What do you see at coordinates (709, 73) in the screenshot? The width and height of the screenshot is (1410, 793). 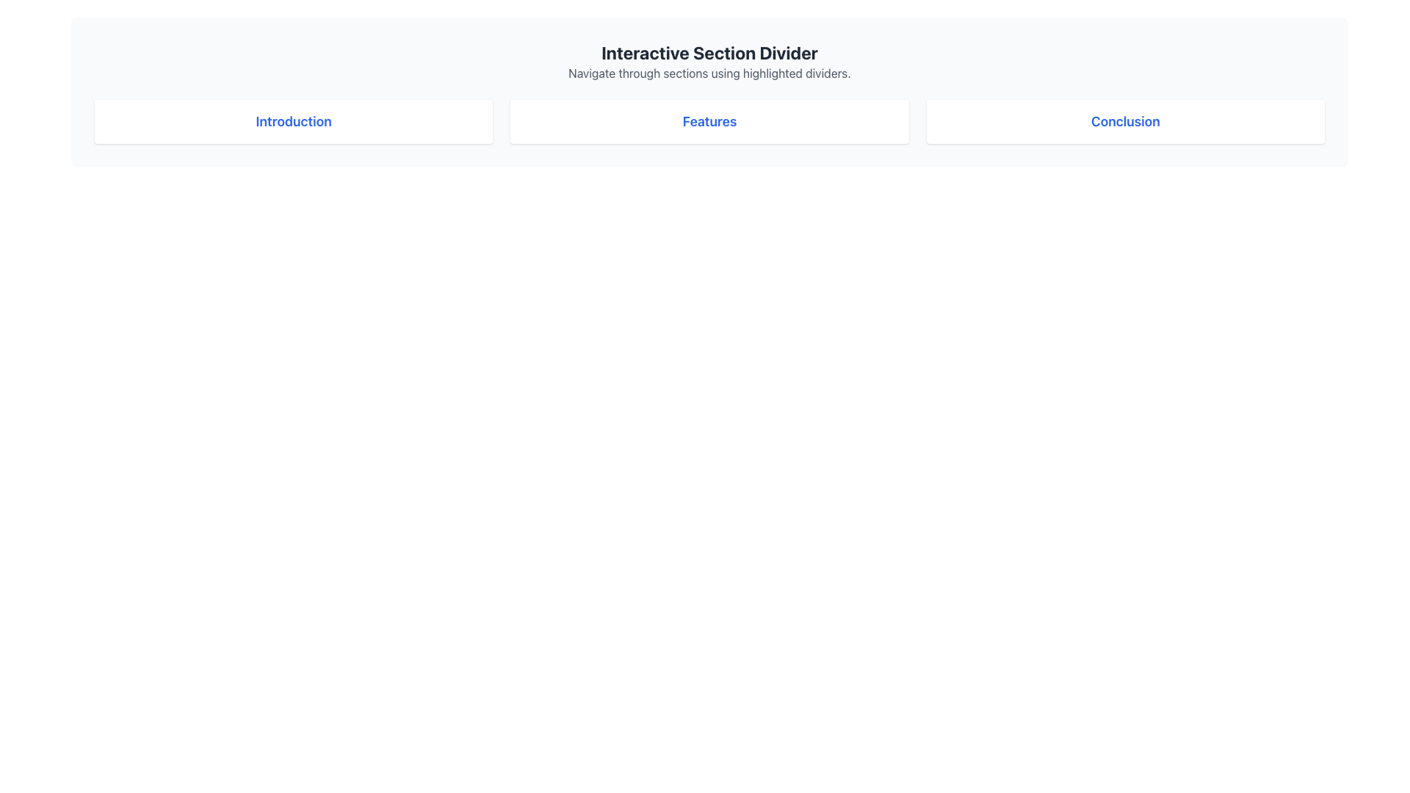 I see `the static text element that reads 'Navigate through sections using highlighted dividers.' which is positioned directly beneath the title 'Interactive Section Divider'` at bounding box center [709, 73].